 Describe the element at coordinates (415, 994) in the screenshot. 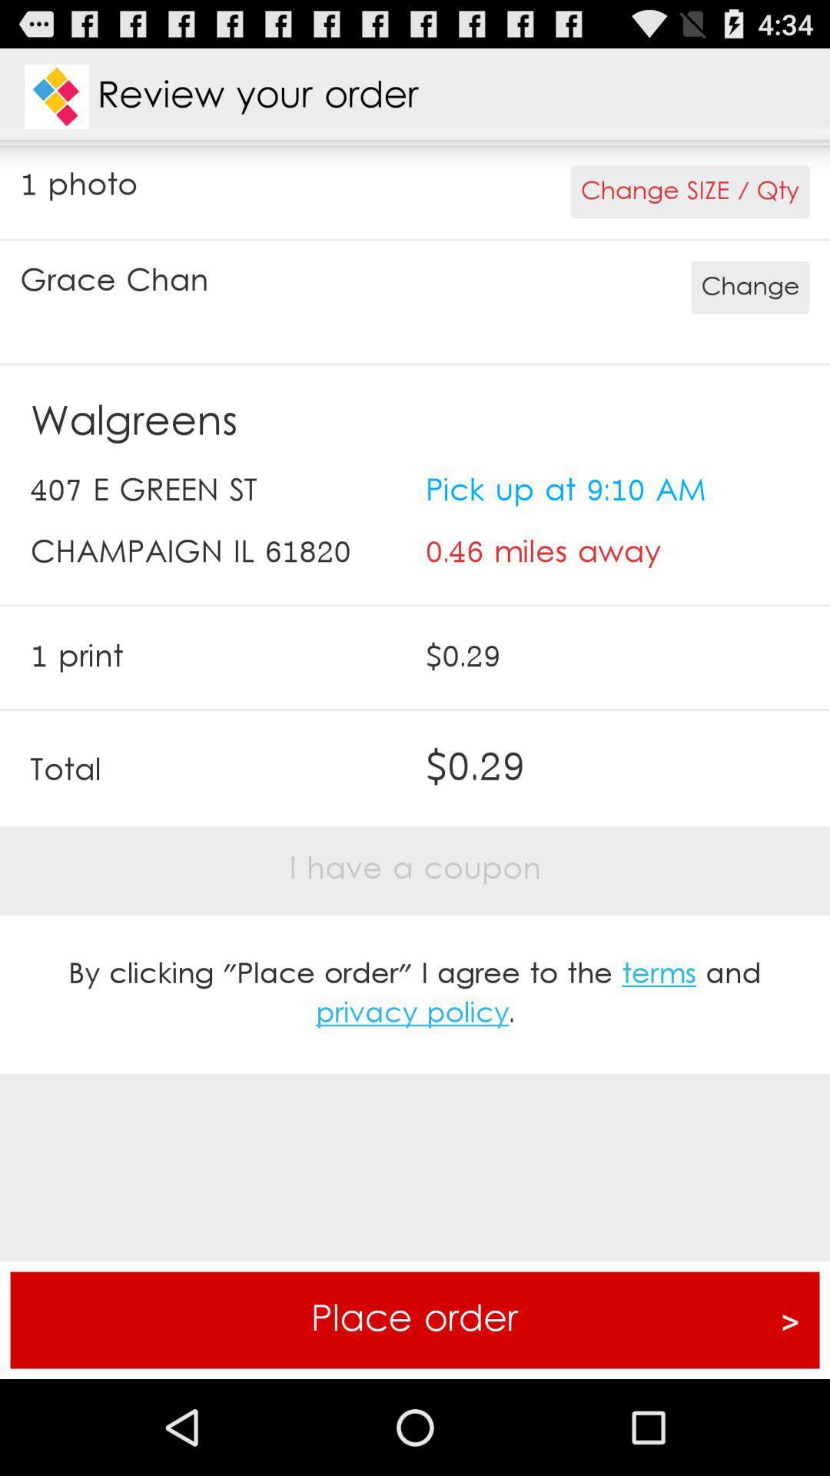

I see `by clicking place item` at that location.